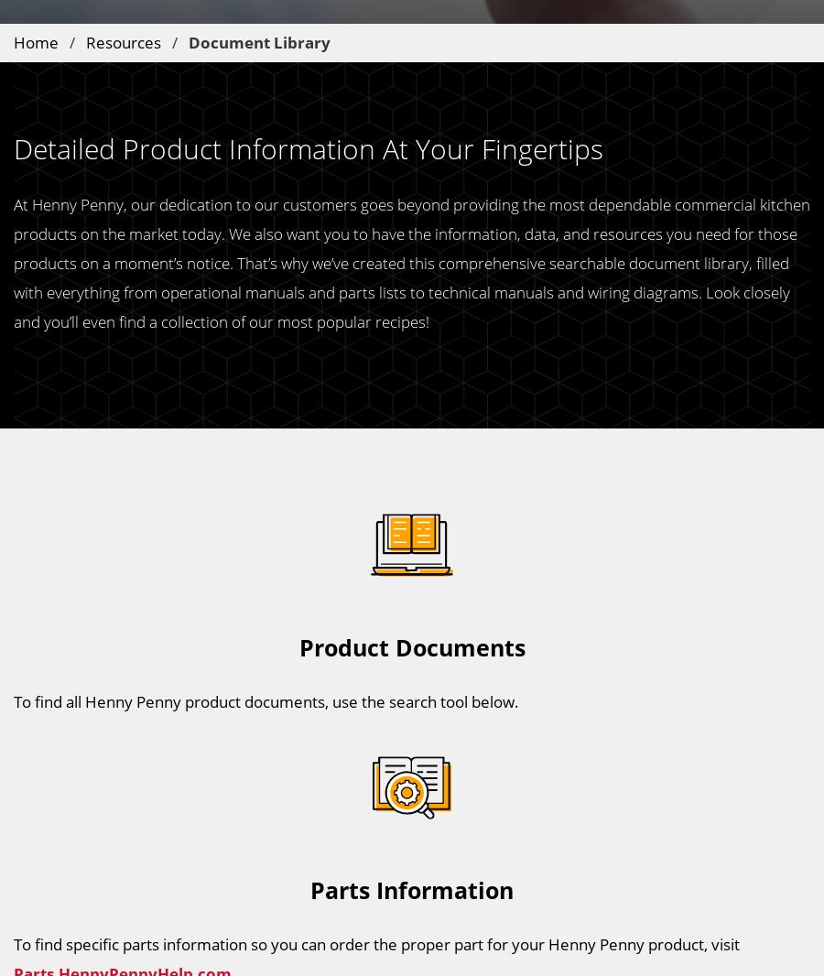 This screenshot has height=976, width=824. What do you see at coordinates (265, 699) in the screenshot?
I see `'To find all Henny Penny product documents, use the search tool below.'` at bounding box center [265, 699].